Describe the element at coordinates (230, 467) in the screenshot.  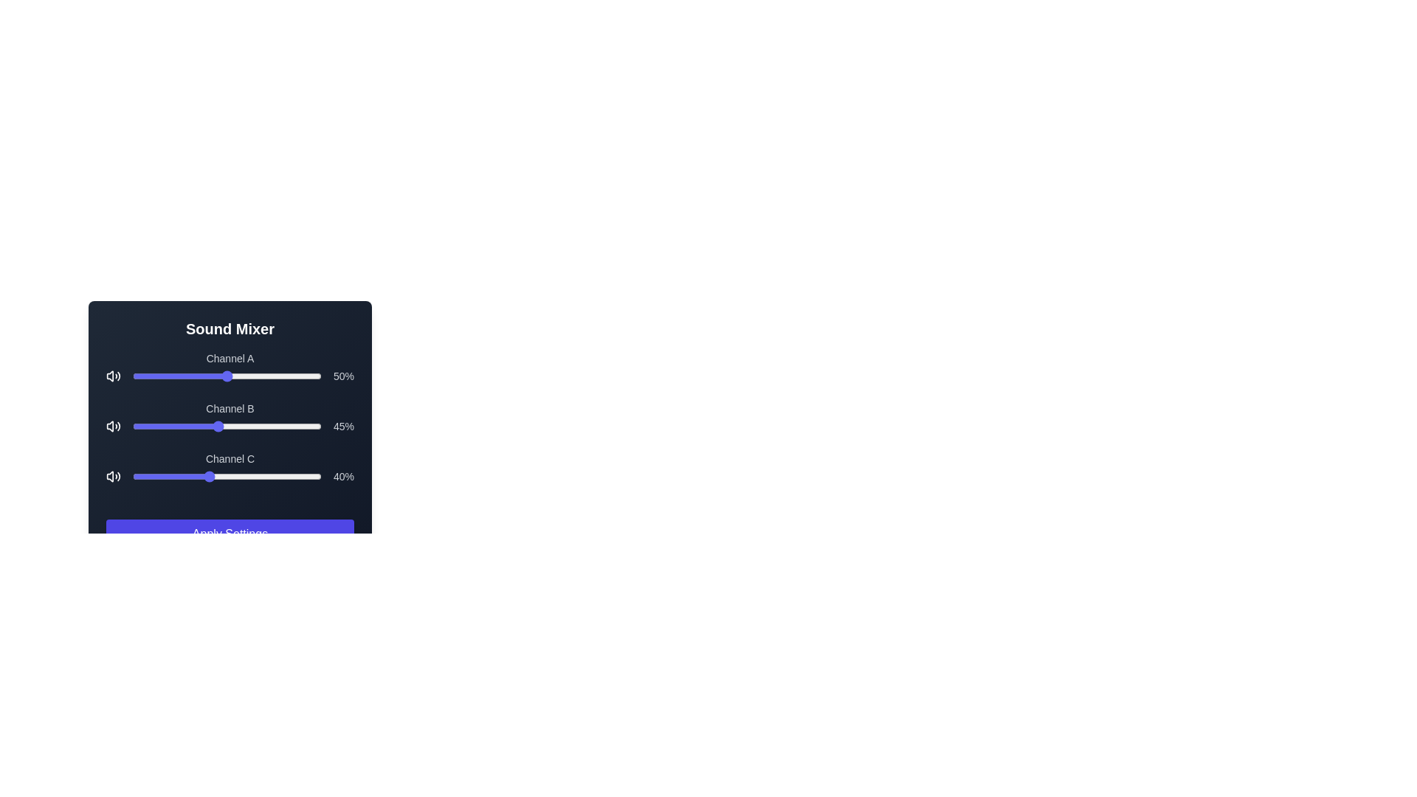
I see `the slider labeled 'Channel C'` at that location.